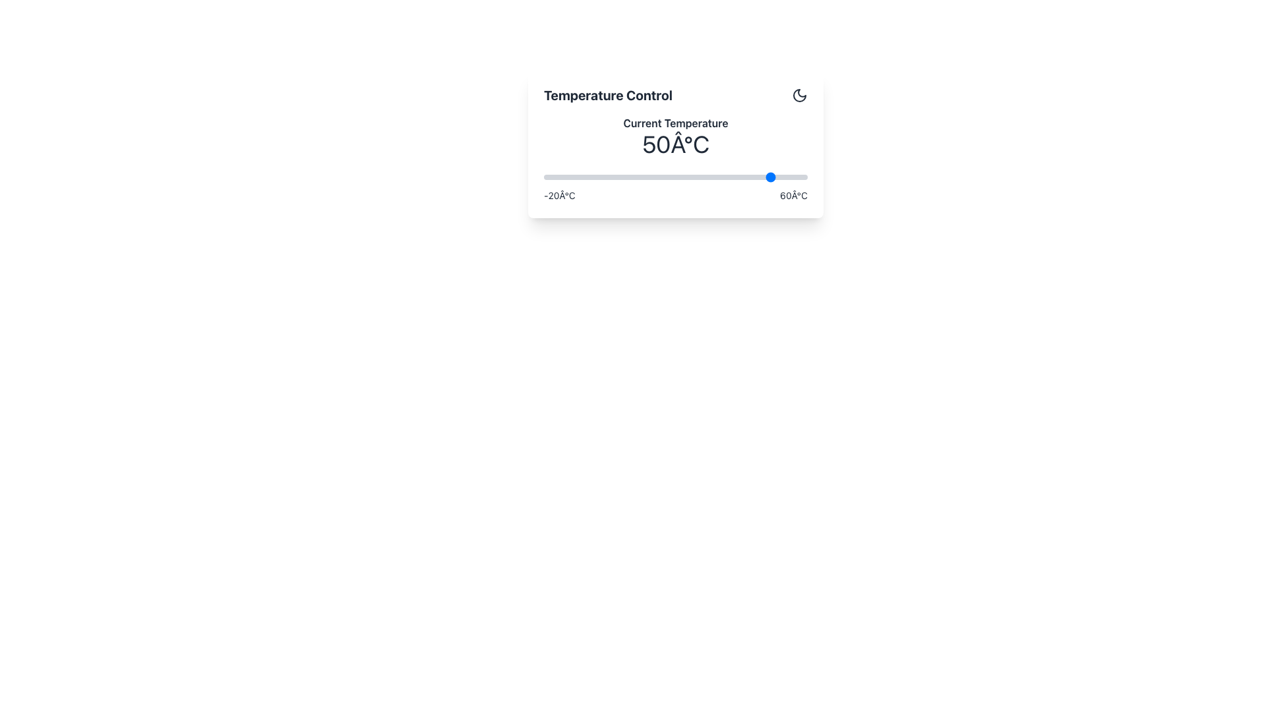 This screenshot has height=712, width=1266. I want to click on the temperature, so click(613, 177).